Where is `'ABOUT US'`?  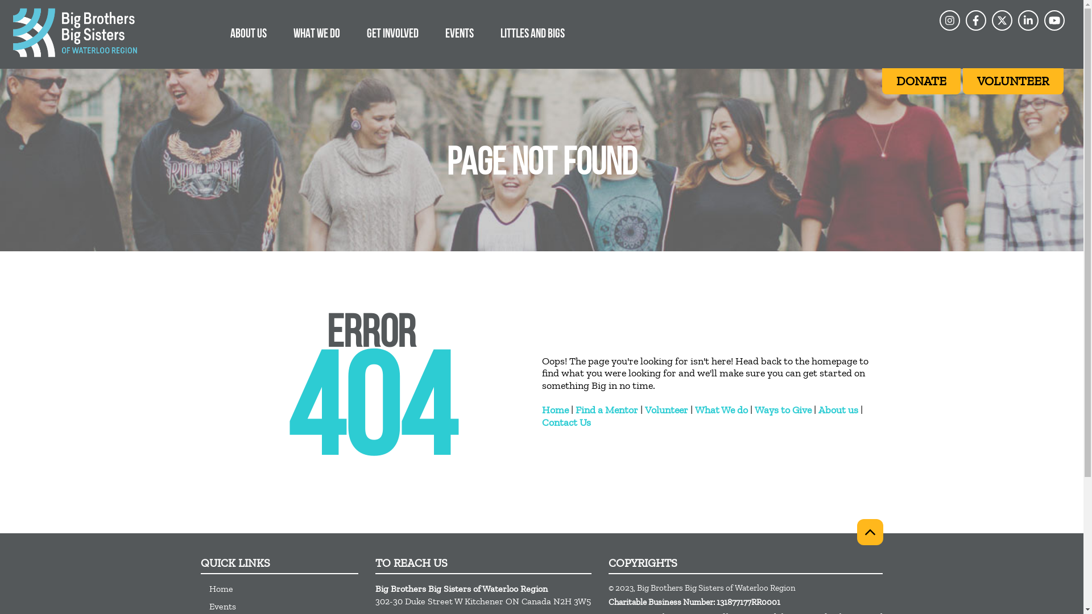
'ABOUT US' is located at coordinates (247, 32).